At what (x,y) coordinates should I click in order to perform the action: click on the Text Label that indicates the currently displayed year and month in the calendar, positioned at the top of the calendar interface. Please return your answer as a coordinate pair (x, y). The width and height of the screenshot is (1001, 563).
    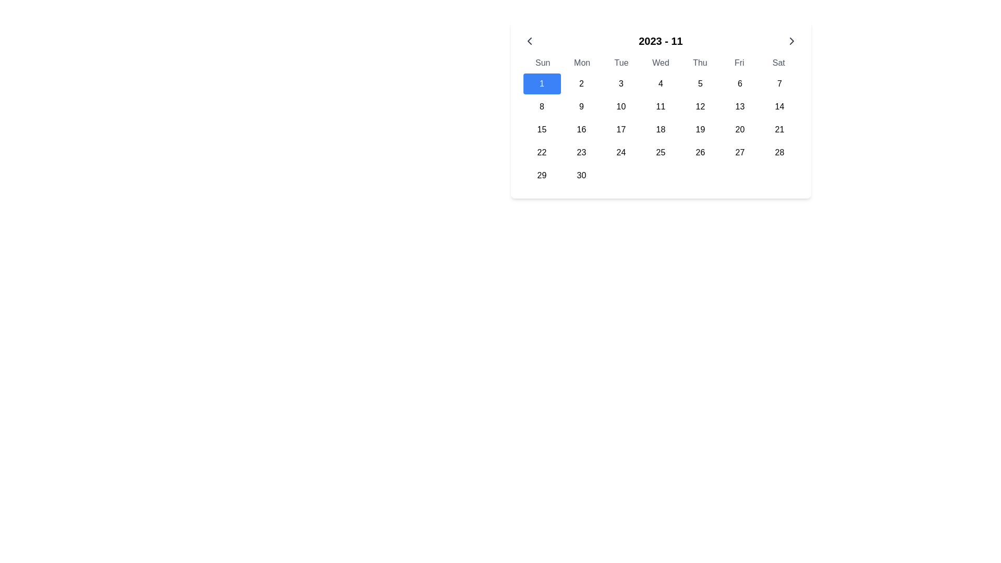
    Looking at the image, I should click on (660, 40).